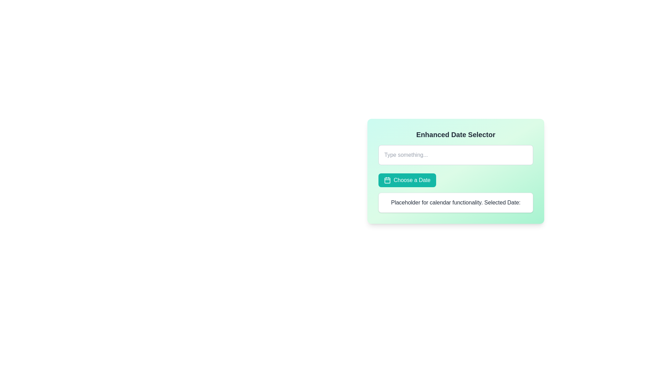 This screenshot has width=663, height=373. What do you see at coordinates (456, 134) in the screenshot?
I see `text from the heading text label located at the top of the card interface, positioned above the text input field and the button labeled 'Choose a Date'` at bounding box center [456, 134].